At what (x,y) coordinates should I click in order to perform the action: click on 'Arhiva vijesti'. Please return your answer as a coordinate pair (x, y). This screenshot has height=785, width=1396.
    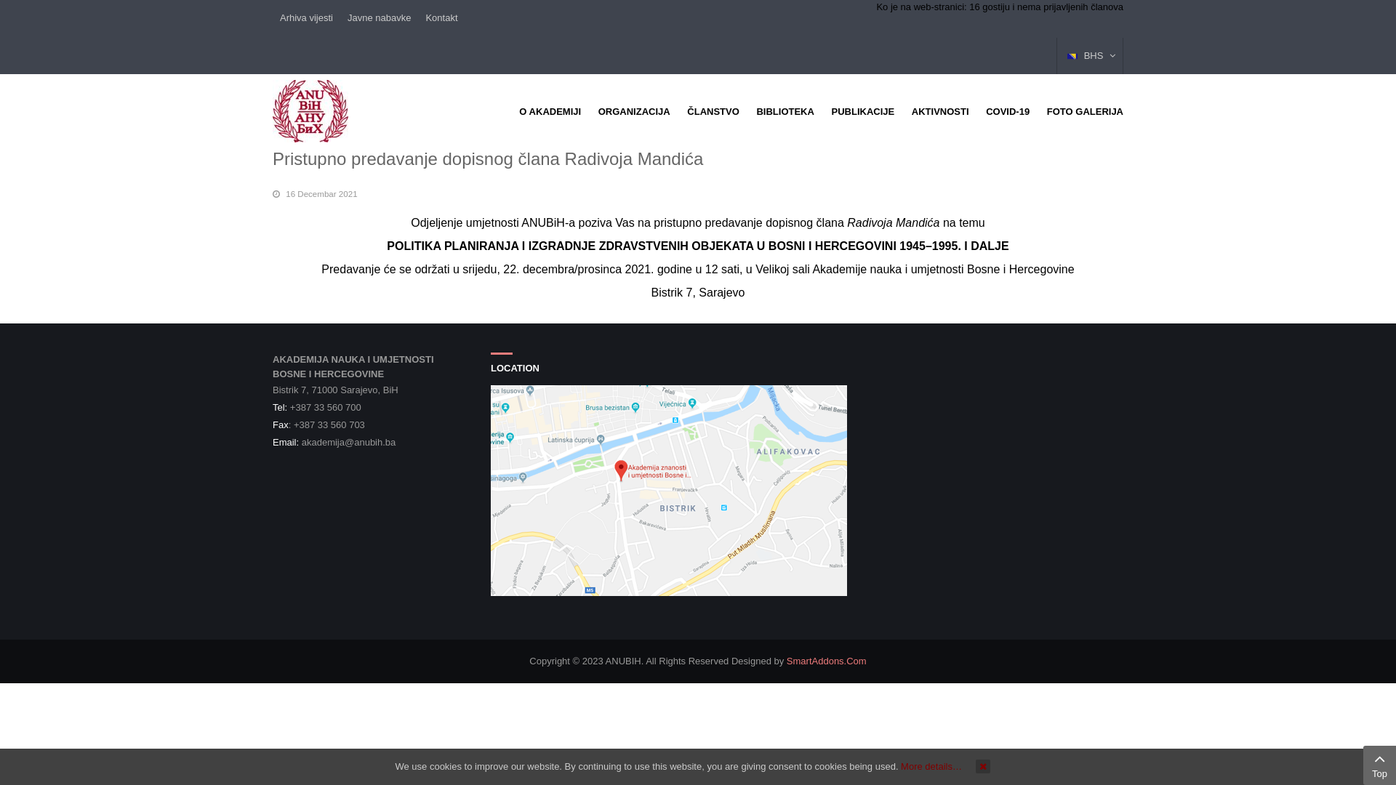
    Looking at the image, I should click on (272, 17).